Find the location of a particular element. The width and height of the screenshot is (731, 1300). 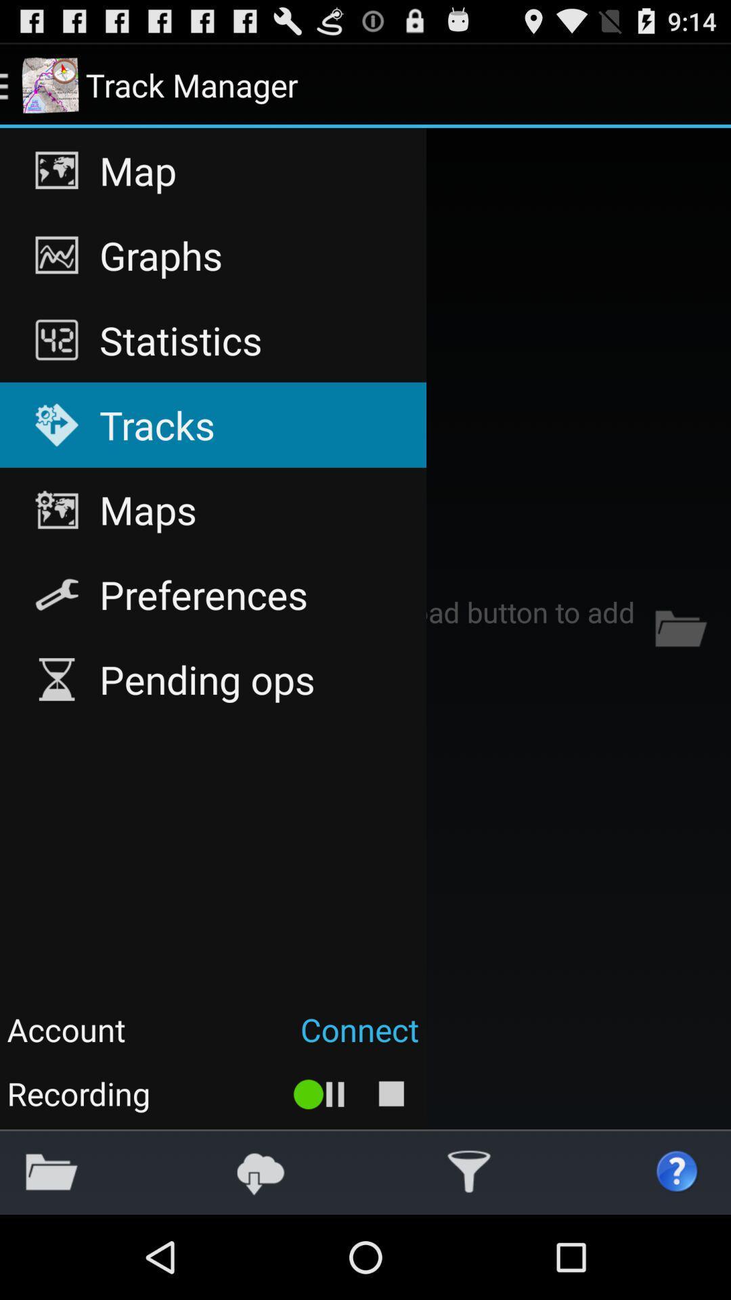

preferences item is located at coordinates (213, 594).